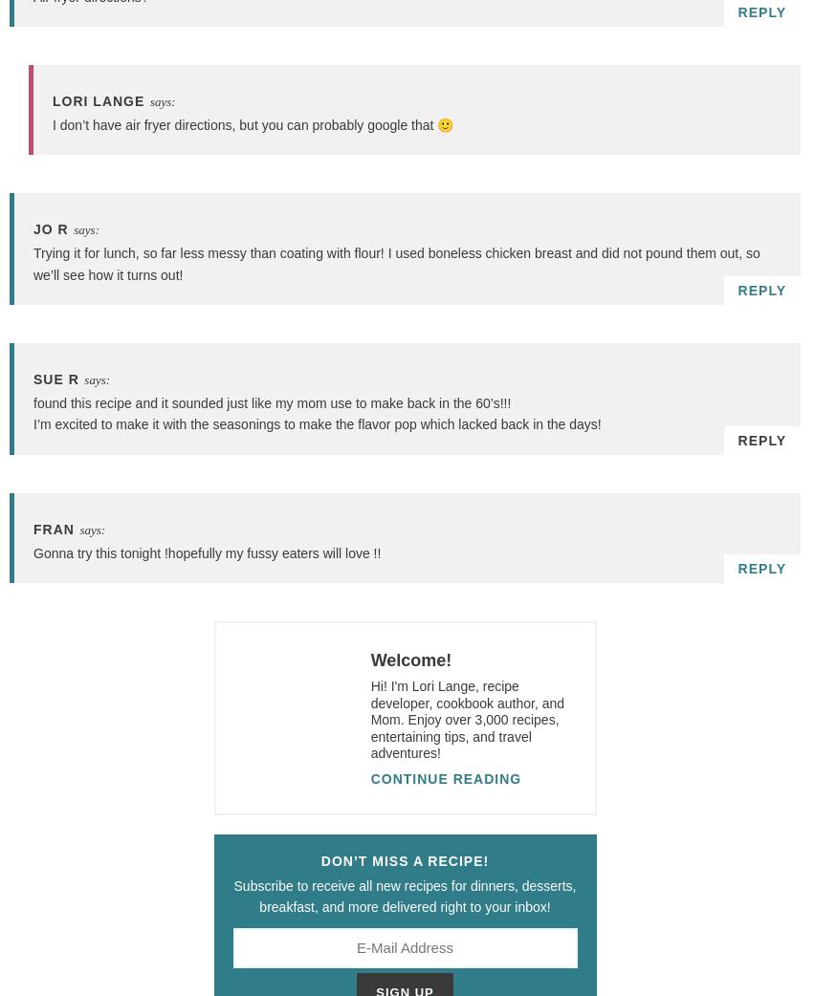  I want to click on 'Subscribe to receive all new recipes for dinners, desserts, breakfast, and more delivered right to your inbox!', so click(405, 895).